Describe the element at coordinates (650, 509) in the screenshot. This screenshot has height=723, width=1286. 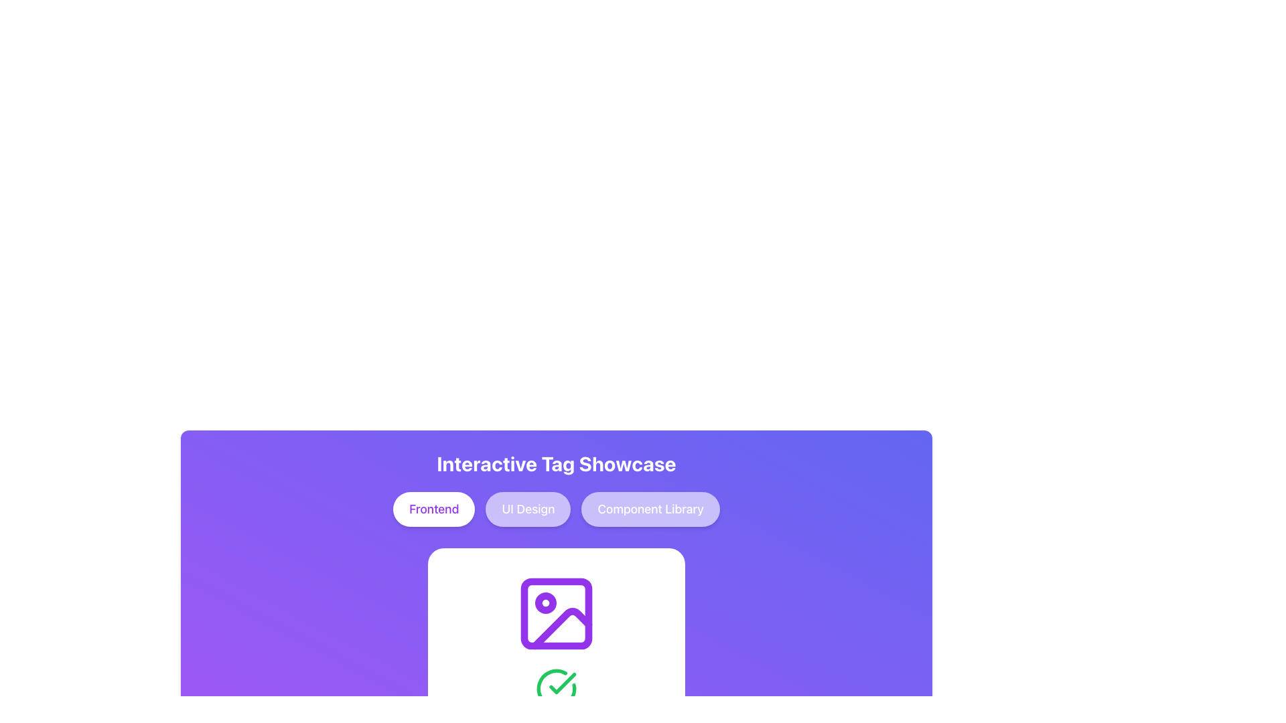
I see `the 'Component Library' button, which is a text button with rounded ends, purple background, and white text, located to the far right of its group within the 'Interactive Tag Showcase'` at that location.